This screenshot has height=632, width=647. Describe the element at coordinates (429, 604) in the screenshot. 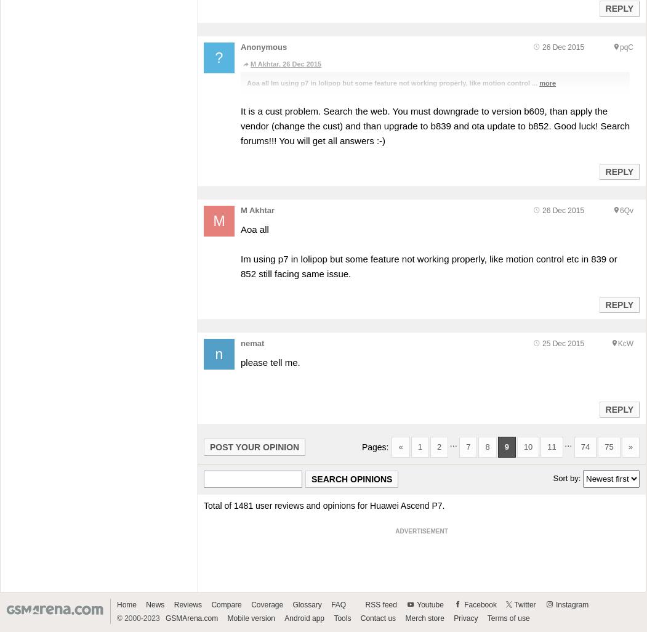

I see `'Youtube'` at that location.